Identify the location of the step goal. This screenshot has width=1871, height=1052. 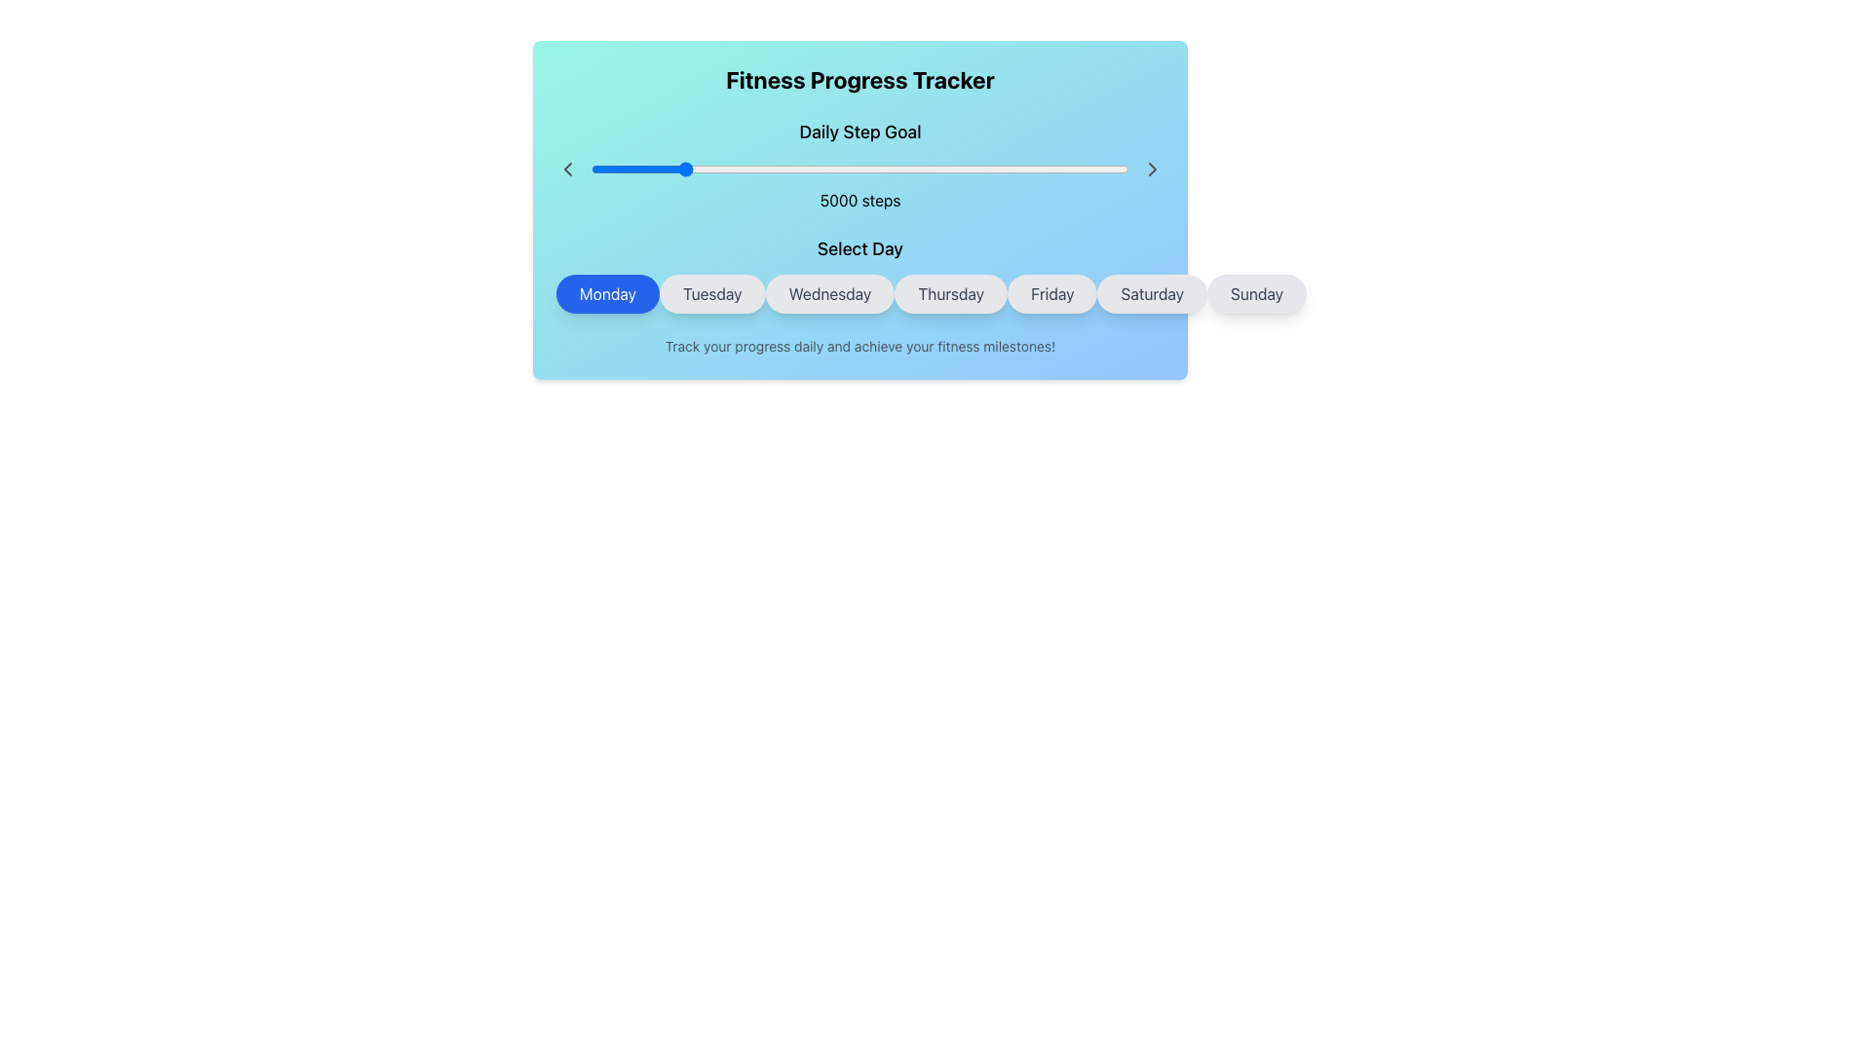
(970, 168).